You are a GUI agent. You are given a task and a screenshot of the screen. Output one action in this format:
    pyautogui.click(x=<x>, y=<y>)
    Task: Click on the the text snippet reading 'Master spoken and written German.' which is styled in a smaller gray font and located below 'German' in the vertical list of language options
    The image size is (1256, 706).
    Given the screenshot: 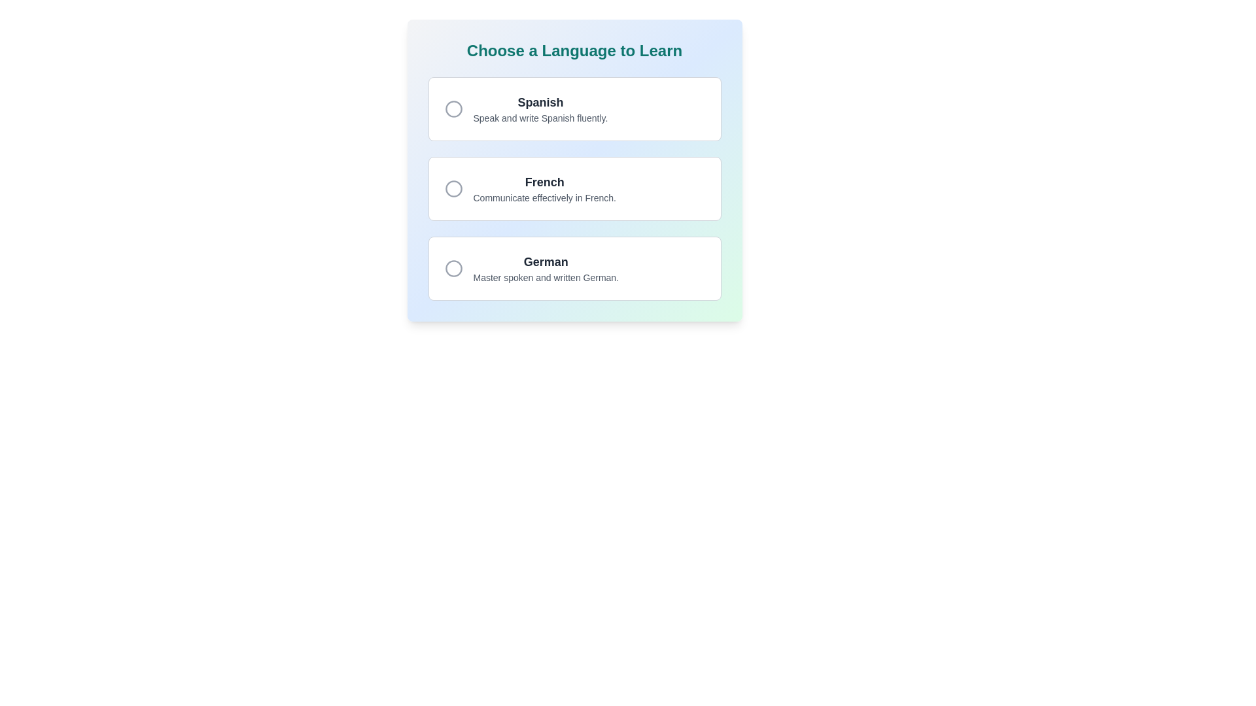 What is the action you would take?
    pyautogui.click(x=546, y=277)
    